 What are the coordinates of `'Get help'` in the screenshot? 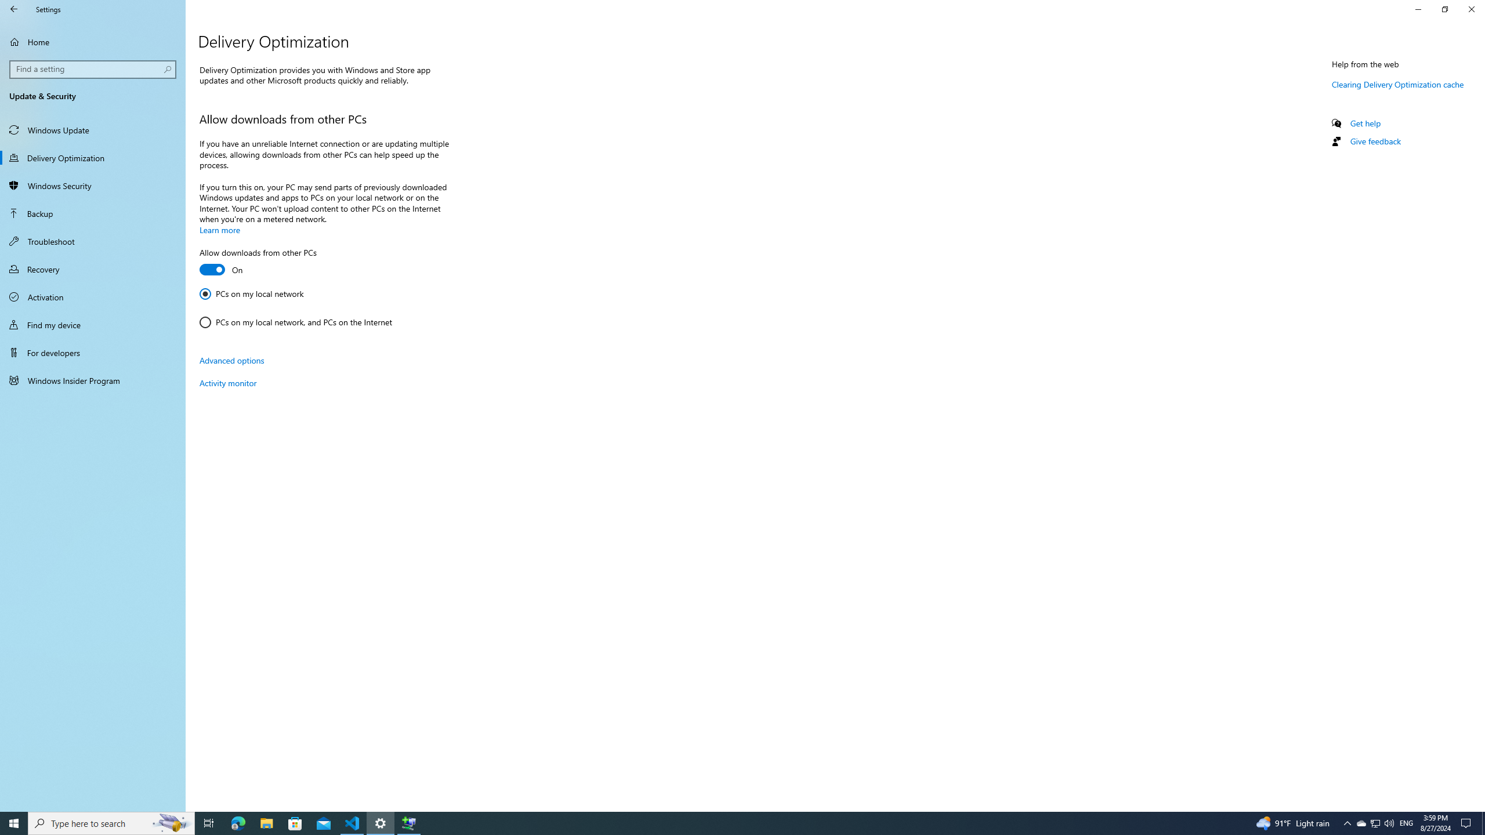 It's located at (1364, 122).